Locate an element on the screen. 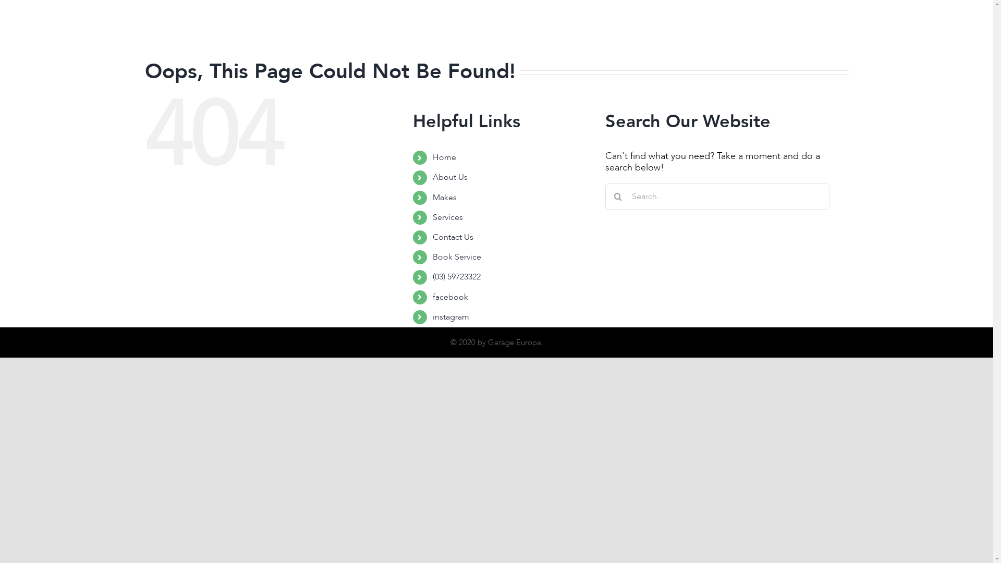  'Services' is located at coordinates (448, 216).